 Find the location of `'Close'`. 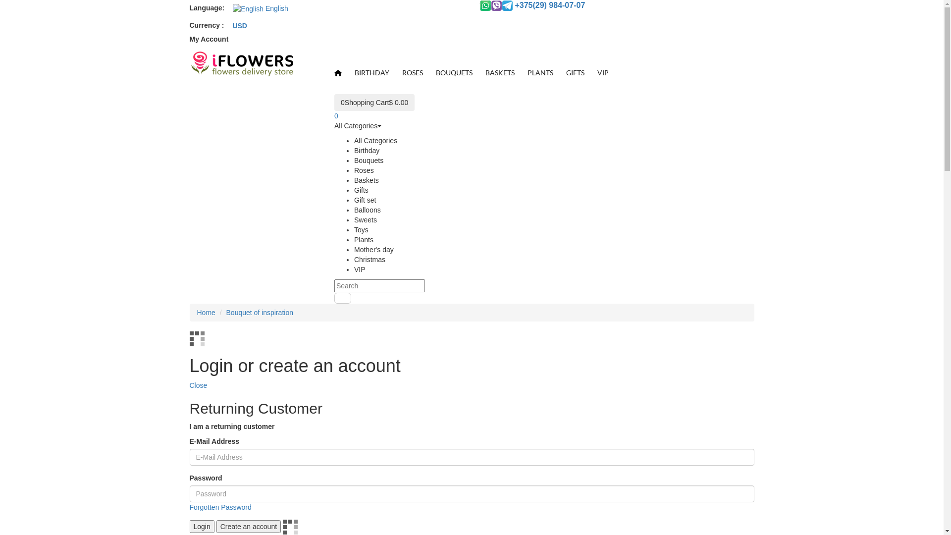

'Close' is located at coordinates (198, 385).